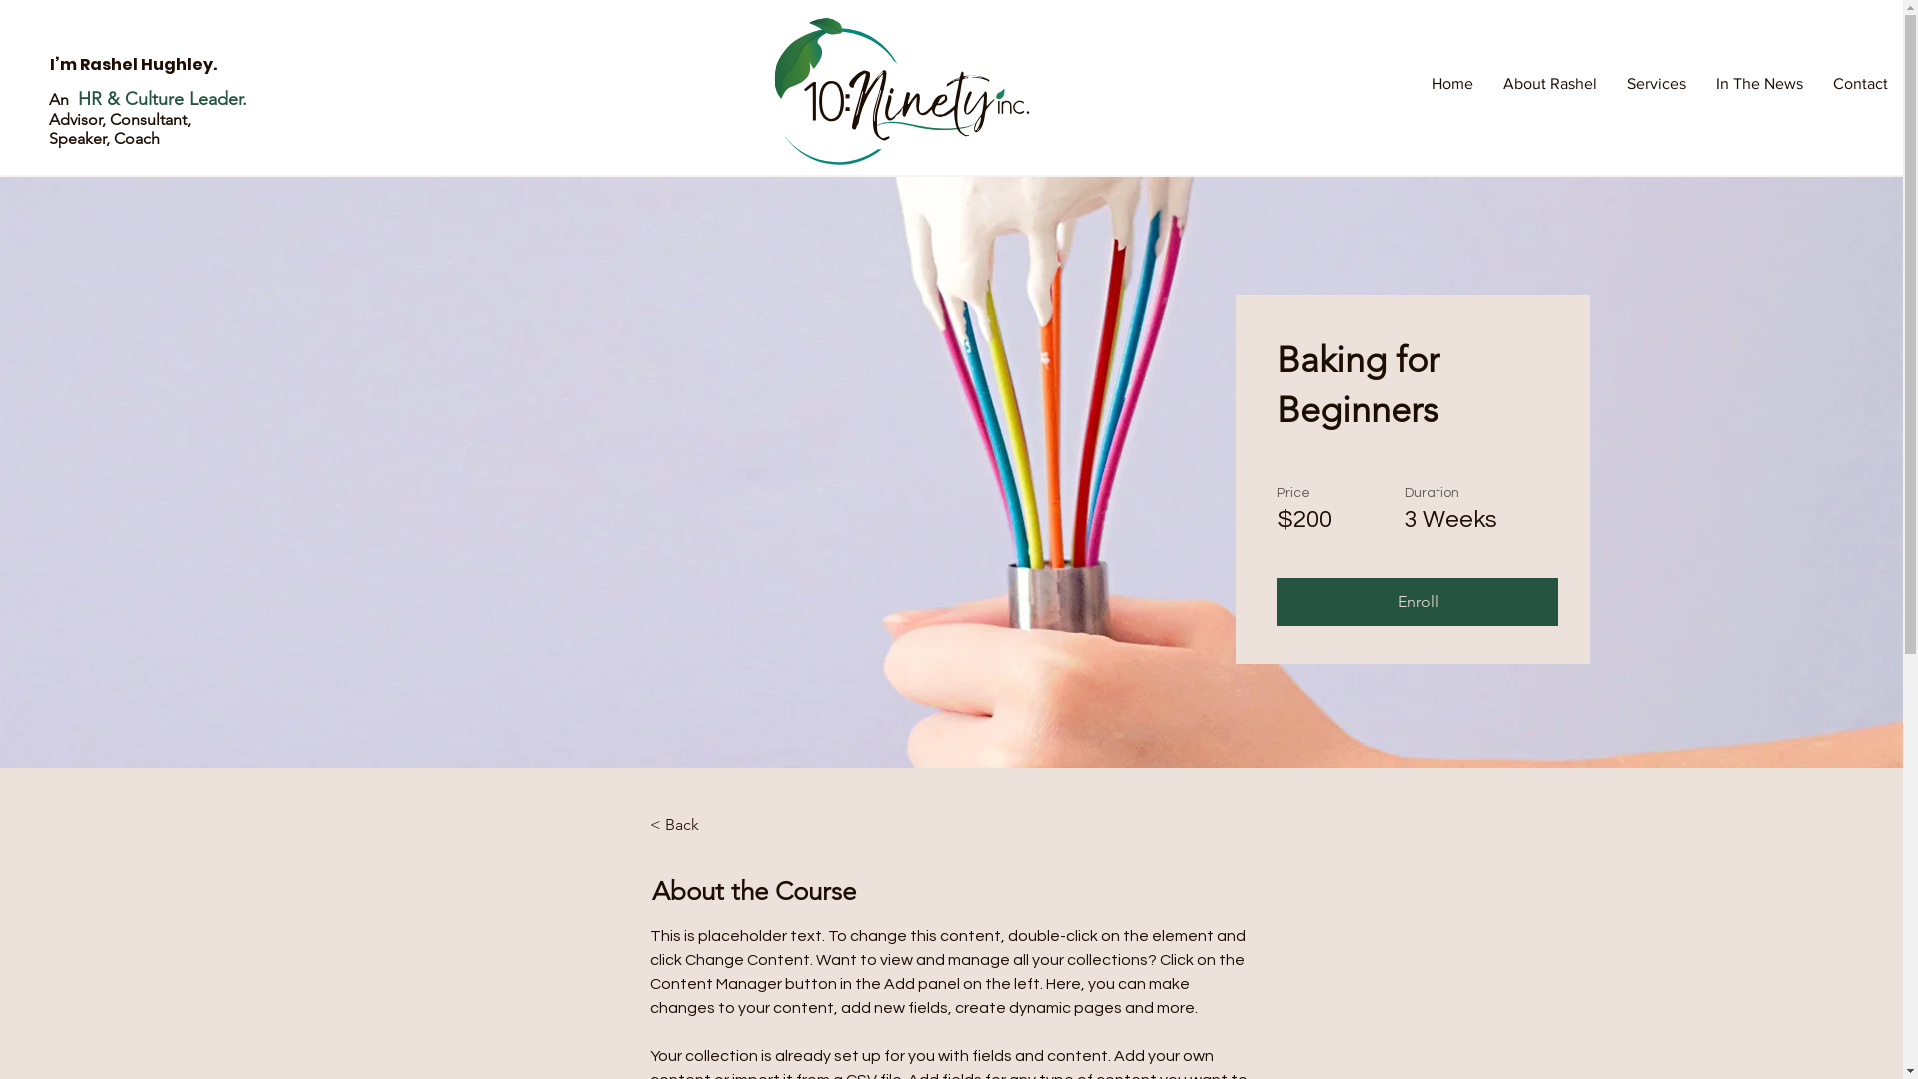 Image resolution: width=1918 pixels, height=1079 pixels. I want to click on 'About Rashel', so click(1548, 83).